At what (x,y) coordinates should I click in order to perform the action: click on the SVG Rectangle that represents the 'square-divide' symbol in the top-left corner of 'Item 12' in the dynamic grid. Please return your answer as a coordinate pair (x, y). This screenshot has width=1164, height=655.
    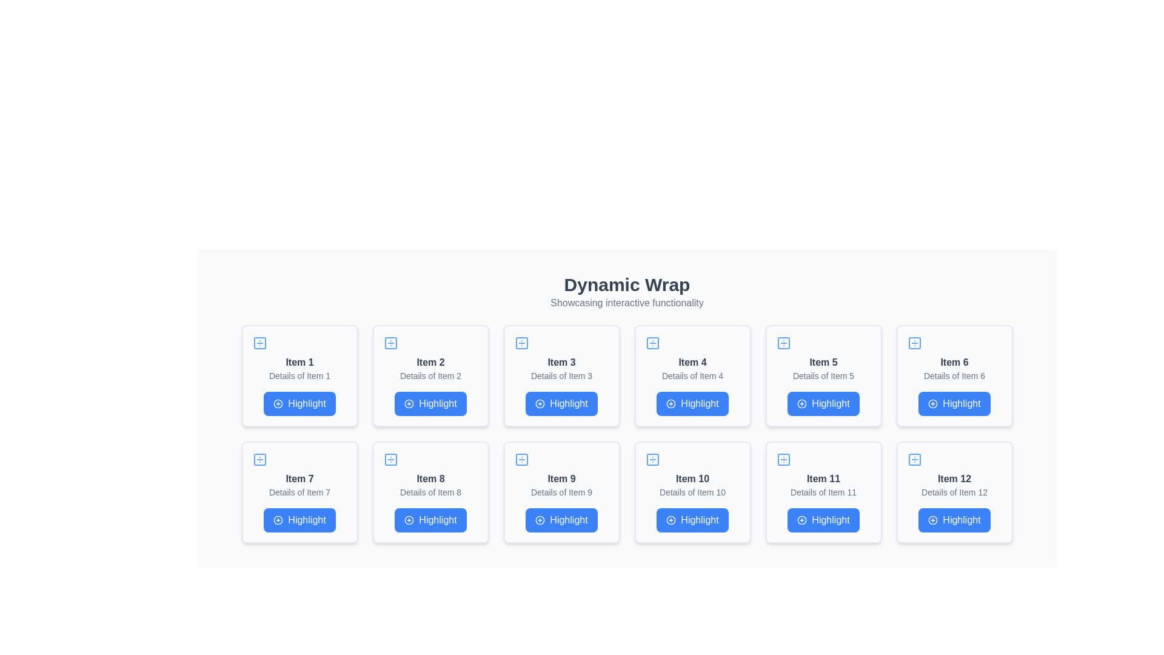
    Looking at the image, I should click on (914, 460).